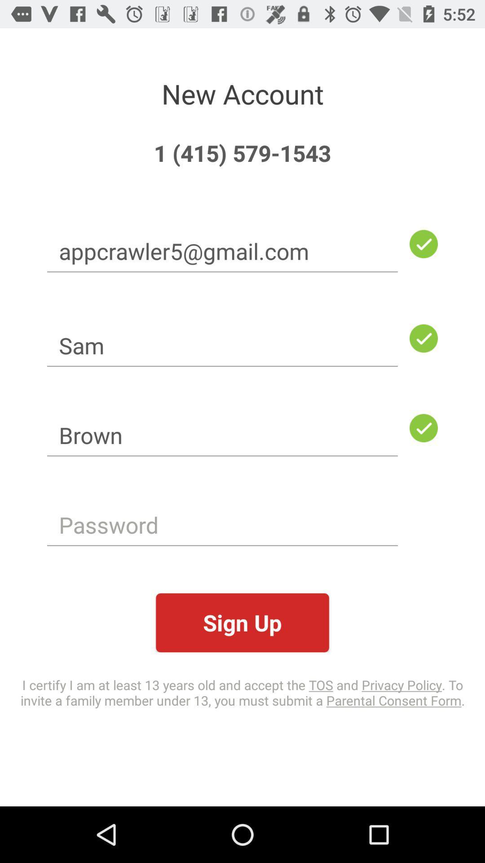 This screenshot has height=863, width=485. What do you see at coordinates (222, 345) in the screenshot?
I see `item below the appcrawler5@gmail.com item` at bounding box center [222, 345].